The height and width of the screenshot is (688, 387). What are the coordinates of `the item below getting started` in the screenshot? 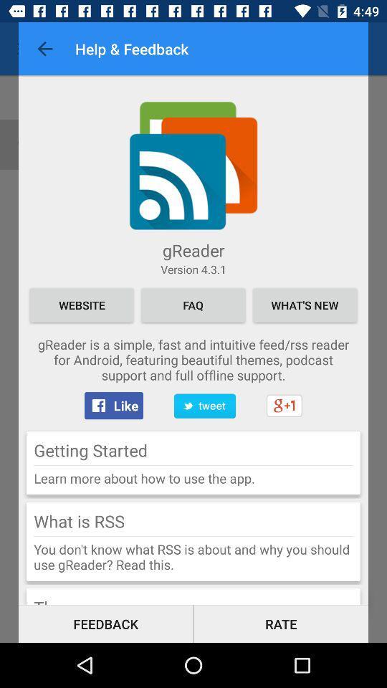 It's located at (193, 464).